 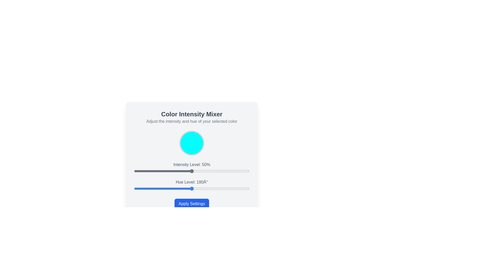 What do you see at coordinates (224, 188) in the screenshot?
I see `the hue level slider to 279°` at bounding box center [224, 188].